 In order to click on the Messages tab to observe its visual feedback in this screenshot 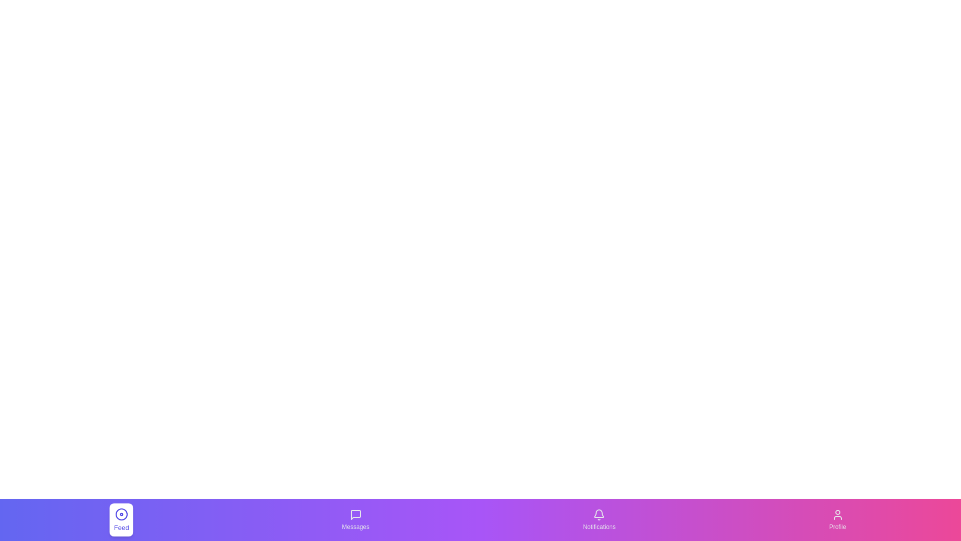, I will do `click(355, 519)`.